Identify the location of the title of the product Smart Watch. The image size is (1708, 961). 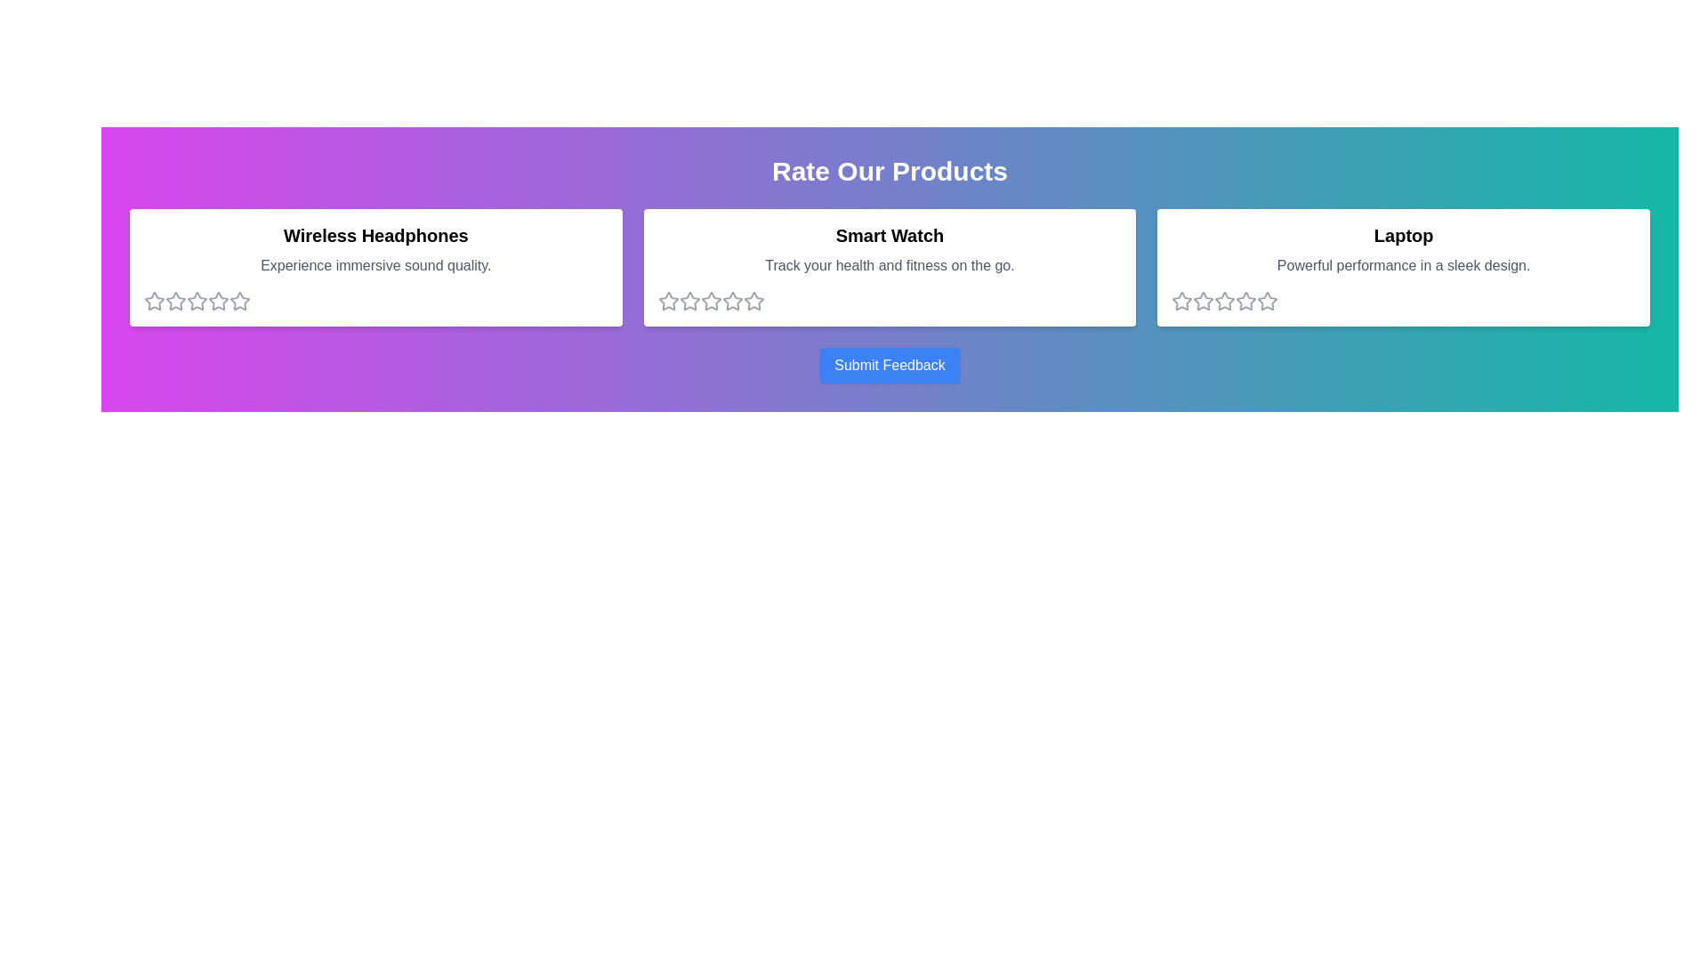
(889, 235).